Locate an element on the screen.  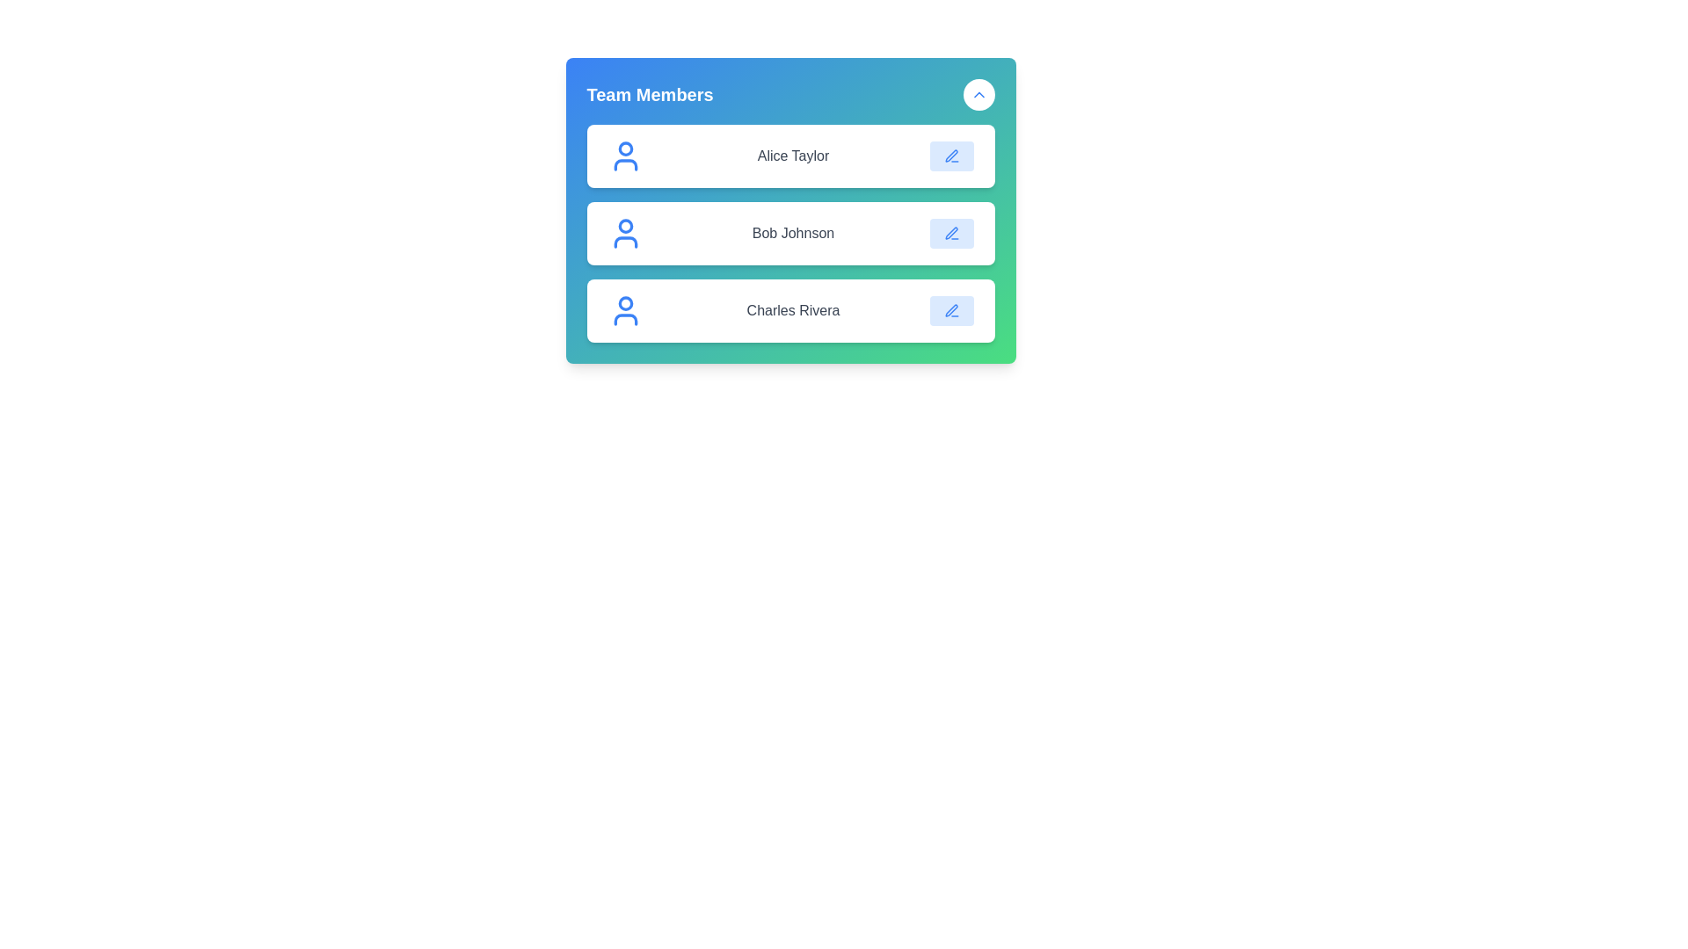
expand/collapse button to toggle the visibility of the list is located at coordinates (978, 95).